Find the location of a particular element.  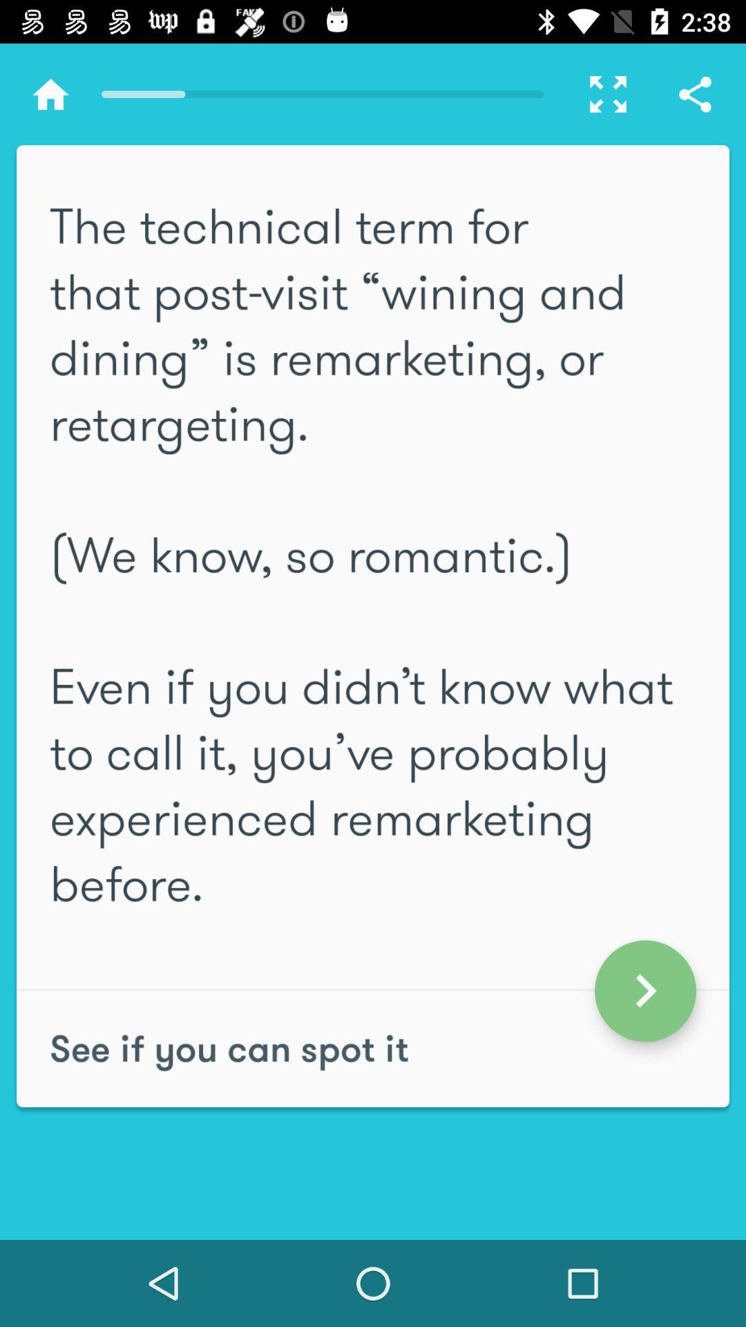

the home icon is located at coordinates (50, 93).